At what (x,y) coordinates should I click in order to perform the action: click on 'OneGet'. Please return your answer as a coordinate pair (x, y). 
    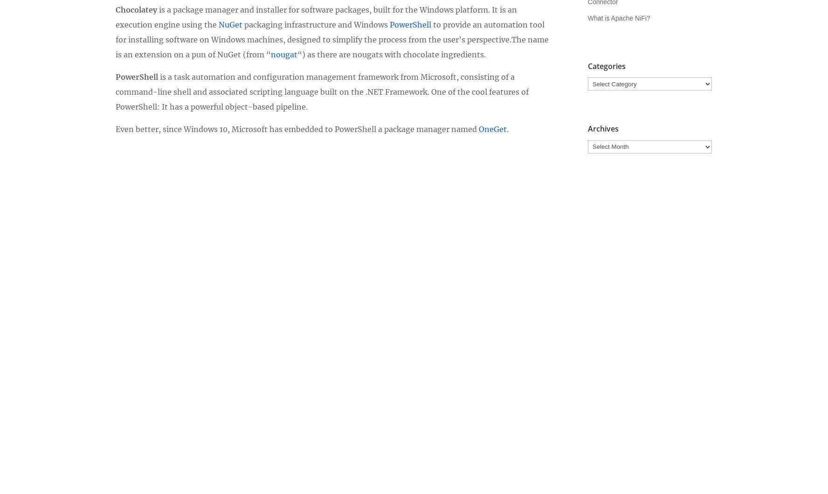
    Looking at the image, I should click on (492, 128).